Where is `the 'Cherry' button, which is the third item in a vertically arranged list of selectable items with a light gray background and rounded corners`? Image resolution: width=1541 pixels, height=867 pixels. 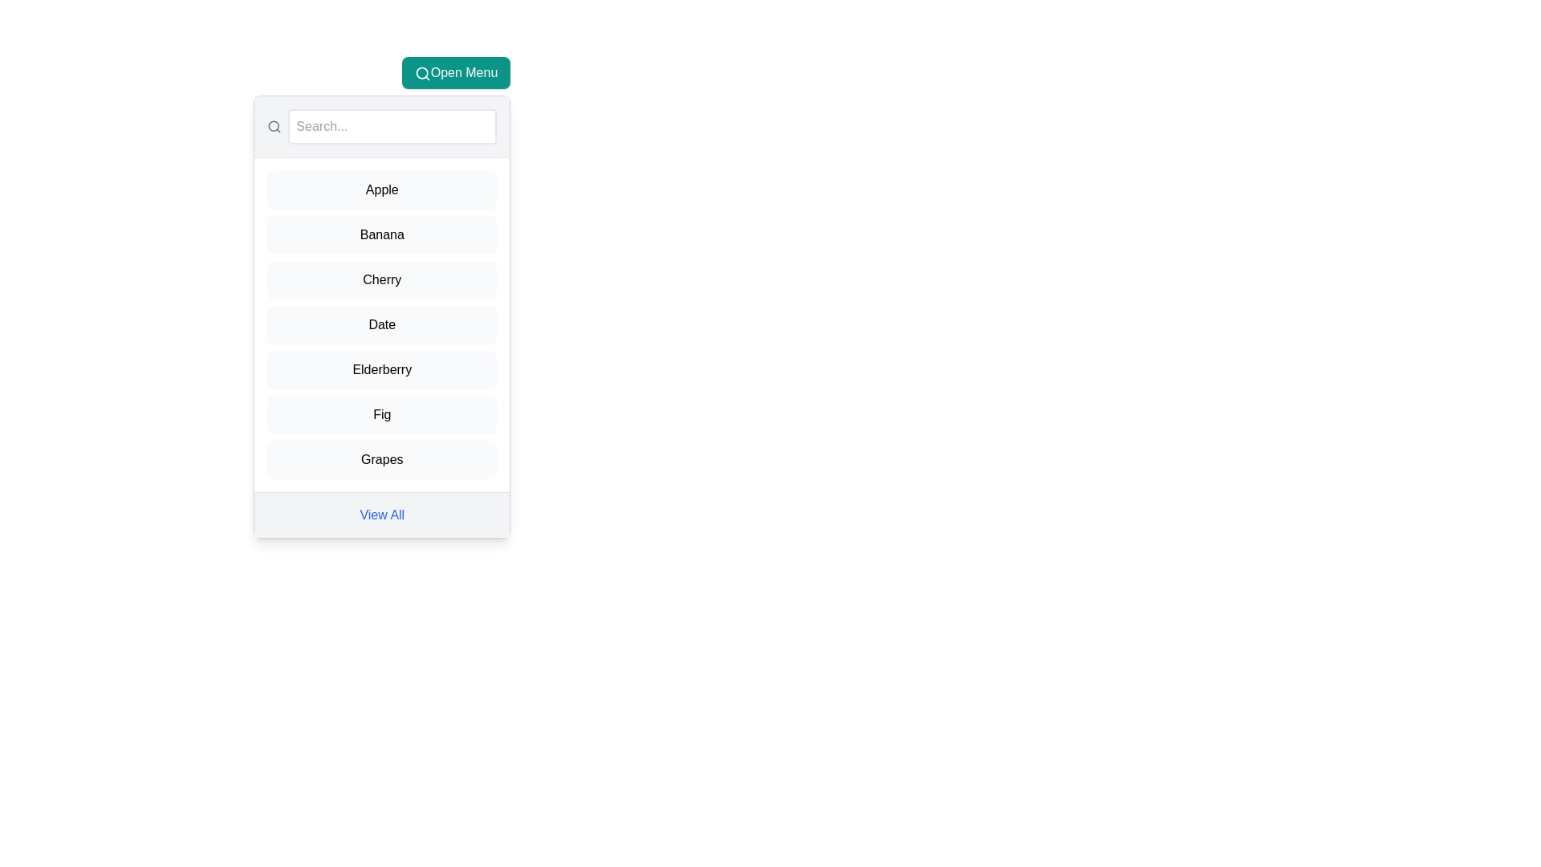 the 'Cherry' button, which is the third item in a vertically arranged list of selectable items with a light gray background and rounded corners is located at coordinates (381, 279).